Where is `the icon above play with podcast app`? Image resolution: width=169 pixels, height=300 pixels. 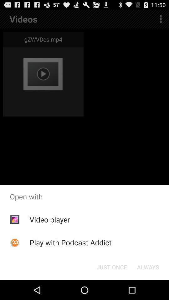 the icon above play with podcast app is located at coordinates (49, 219).